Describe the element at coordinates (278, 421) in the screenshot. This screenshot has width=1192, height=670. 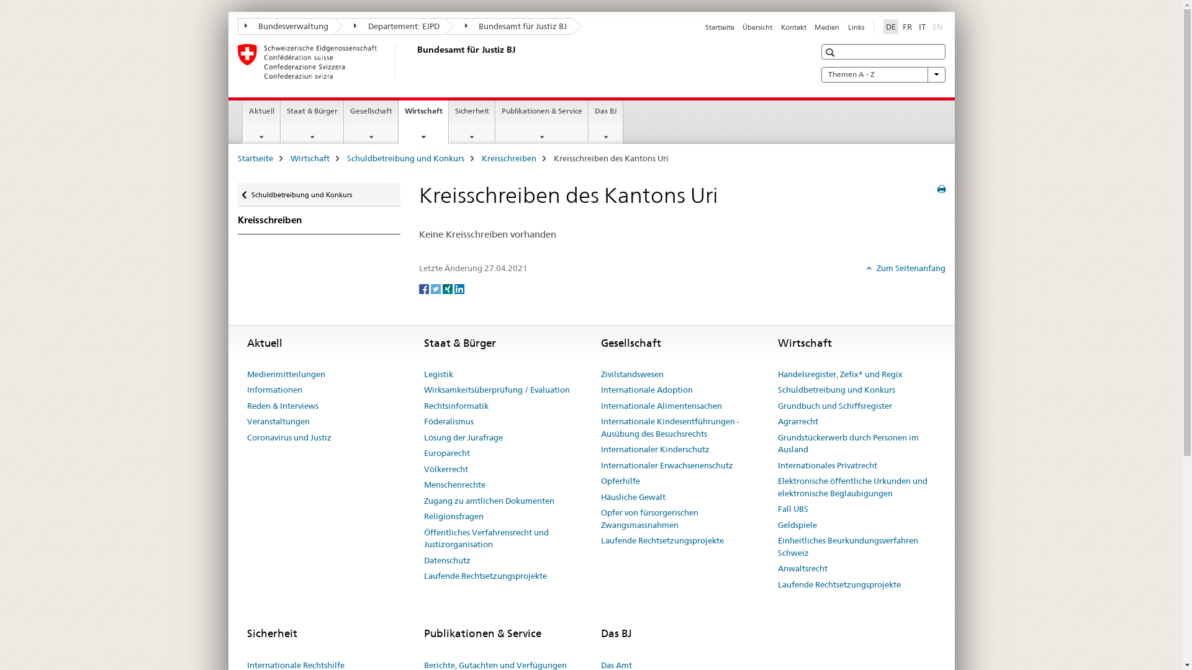
I see `'Veranstaltungen'` at that location.